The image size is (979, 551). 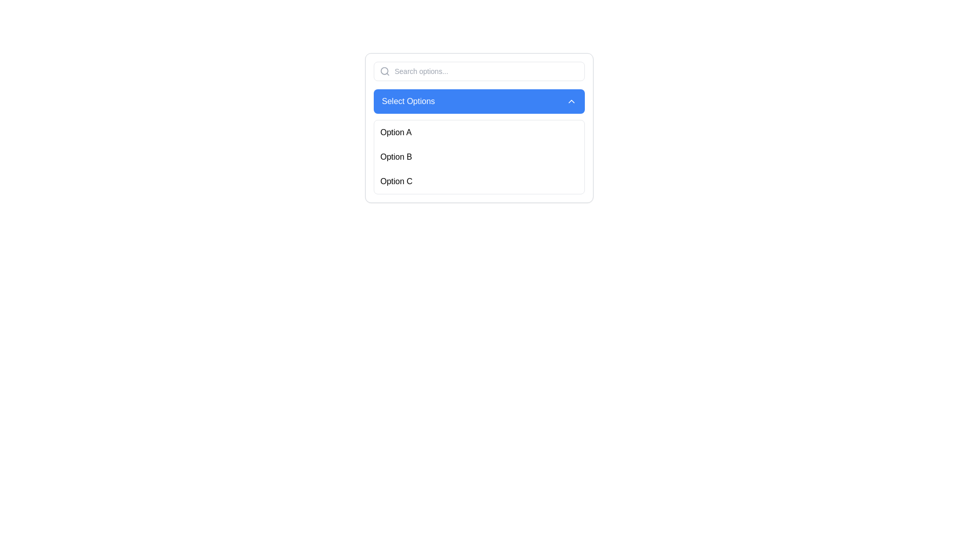 What do you see at coordinates (479, 132) in the screenshot?
I see `the first option button labeled 'Option A'` at bounding box center [479, 132].